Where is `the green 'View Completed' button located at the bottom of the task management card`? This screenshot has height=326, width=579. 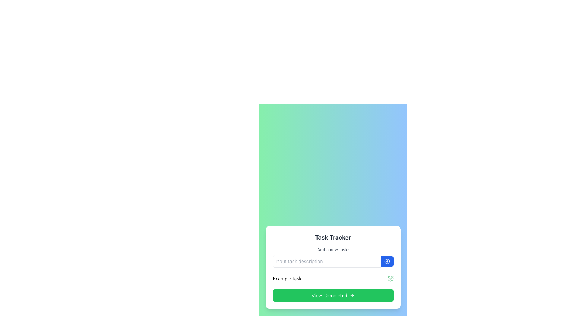
the green 'View Completed' button located at the bottom of the task management card is located at coordinates (333, 295).